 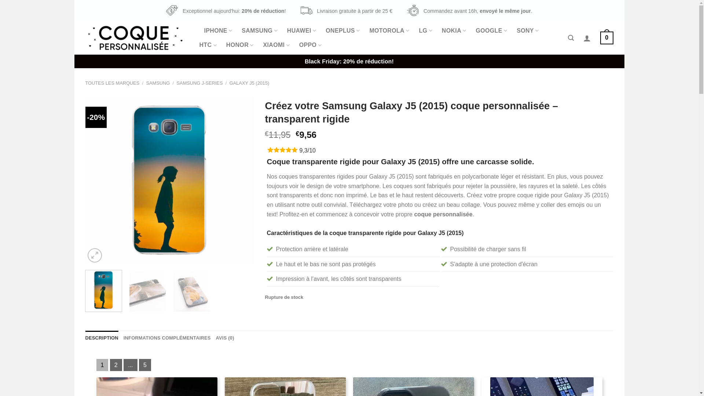 I want to click on 'SAMSUNG J-SERIES', so click(x=176, y=82).